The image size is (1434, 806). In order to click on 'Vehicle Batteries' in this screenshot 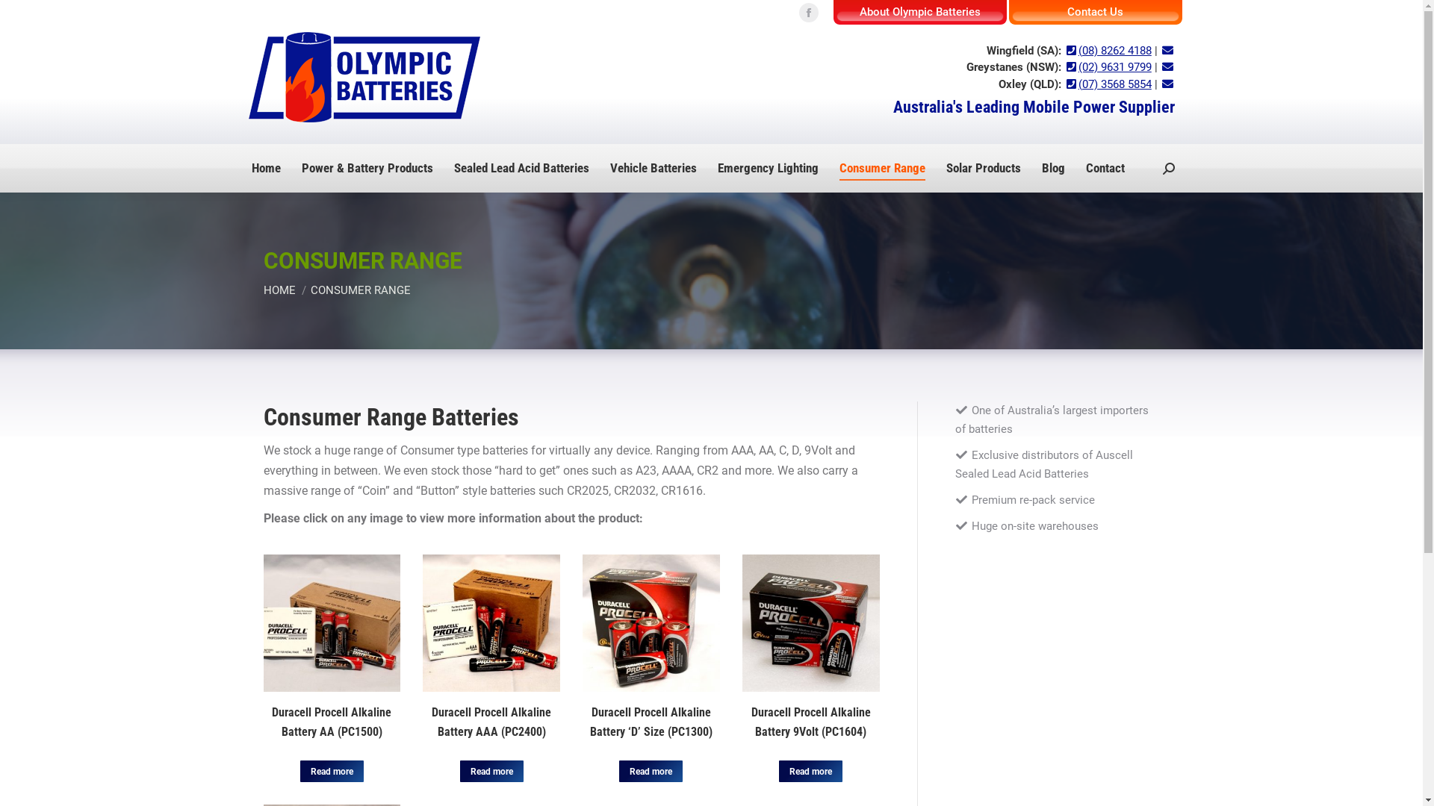, I will do `click(652, 168)`.